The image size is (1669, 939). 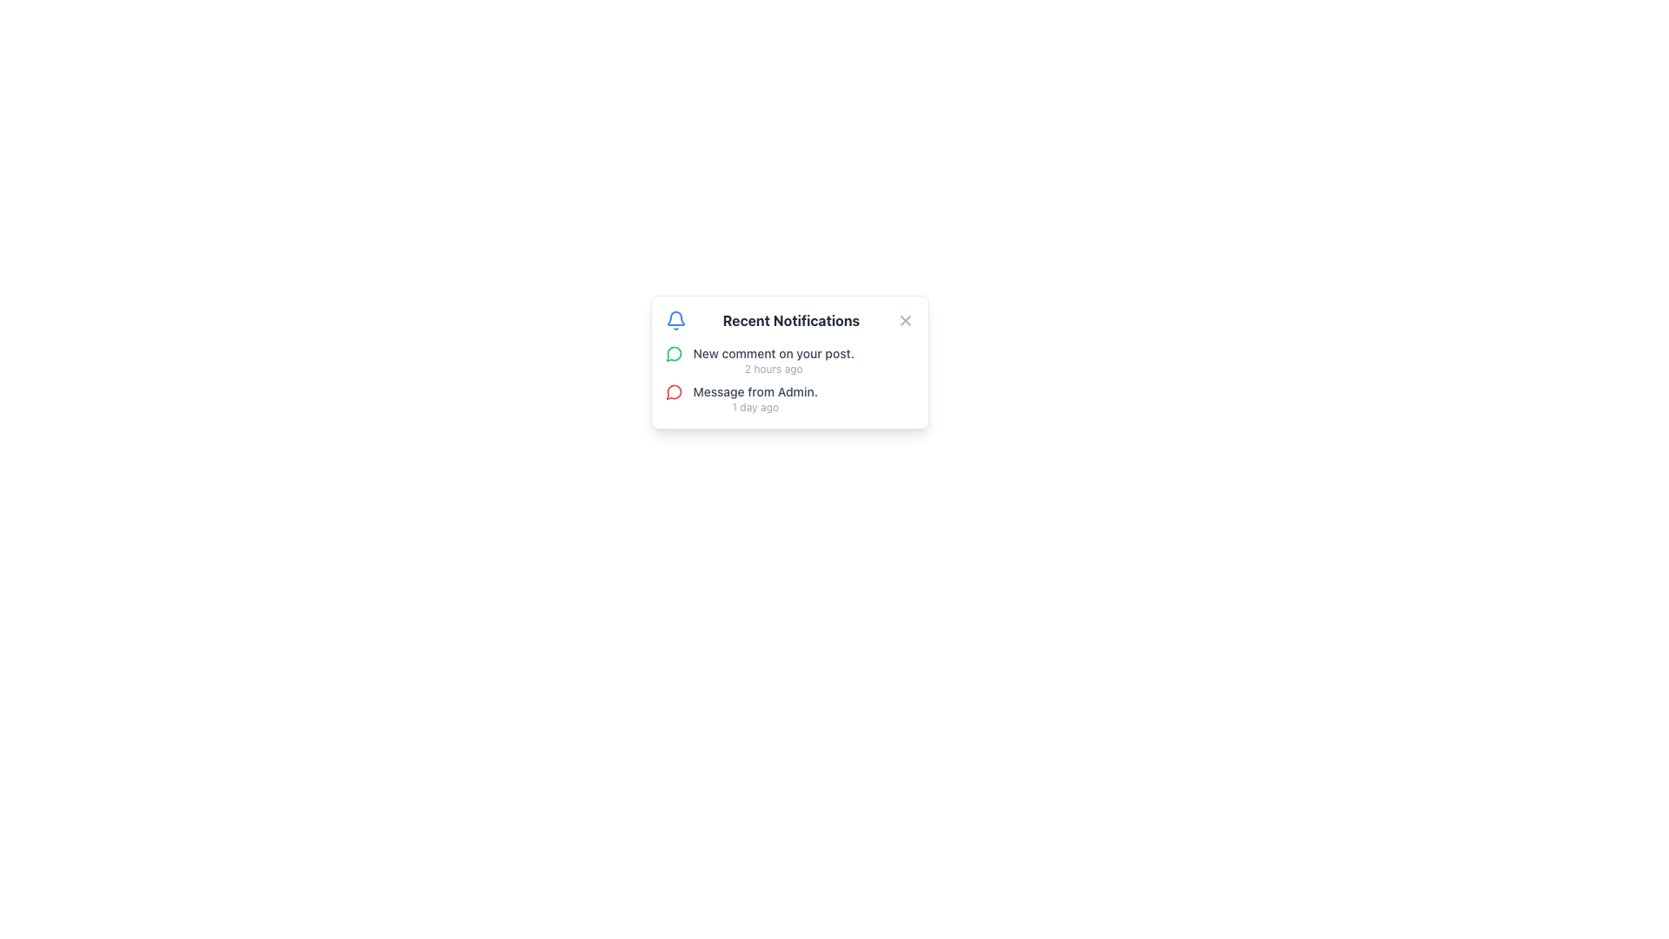 What do you see at coordinates (788, 378) in the screenshot?
I see `the recent notifications list located within the notification card beneath the heading 'Recent Notifications'` at bounding box center [788, 378].